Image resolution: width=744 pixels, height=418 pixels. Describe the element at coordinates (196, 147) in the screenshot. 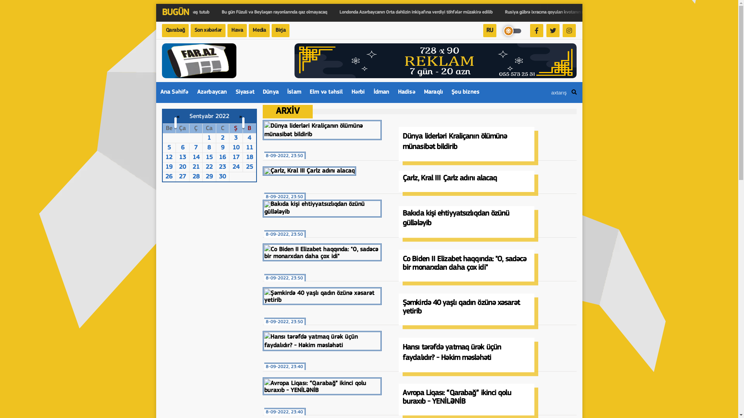

I see `'7'` at that location.